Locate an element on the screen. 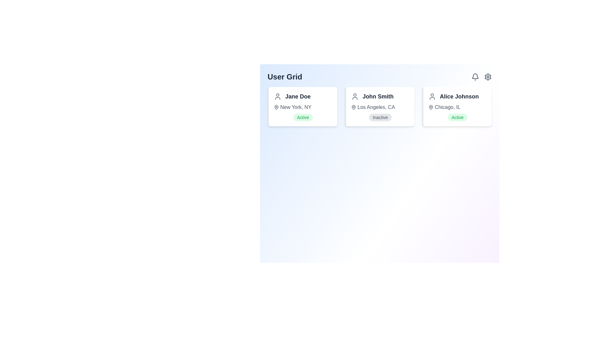 The image size is (608, 342). the geographical location icon representing 'Alice Johnson' in the user grid, located in the third column, to the left of the text 'Chicago, IL' is located at coordinates (431, 107).